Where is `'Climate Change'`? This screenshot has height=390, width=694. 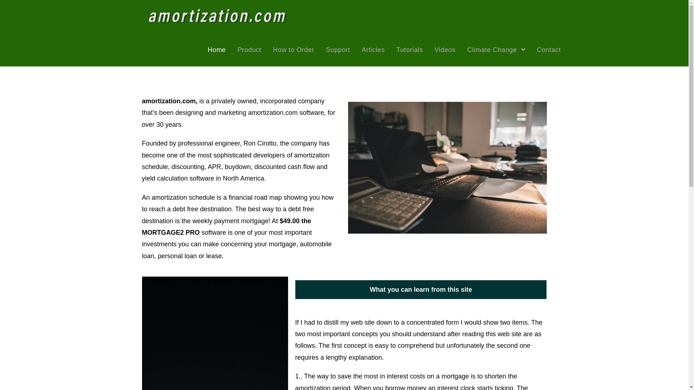 'Climate Change' is located at coordinates (496, 49).